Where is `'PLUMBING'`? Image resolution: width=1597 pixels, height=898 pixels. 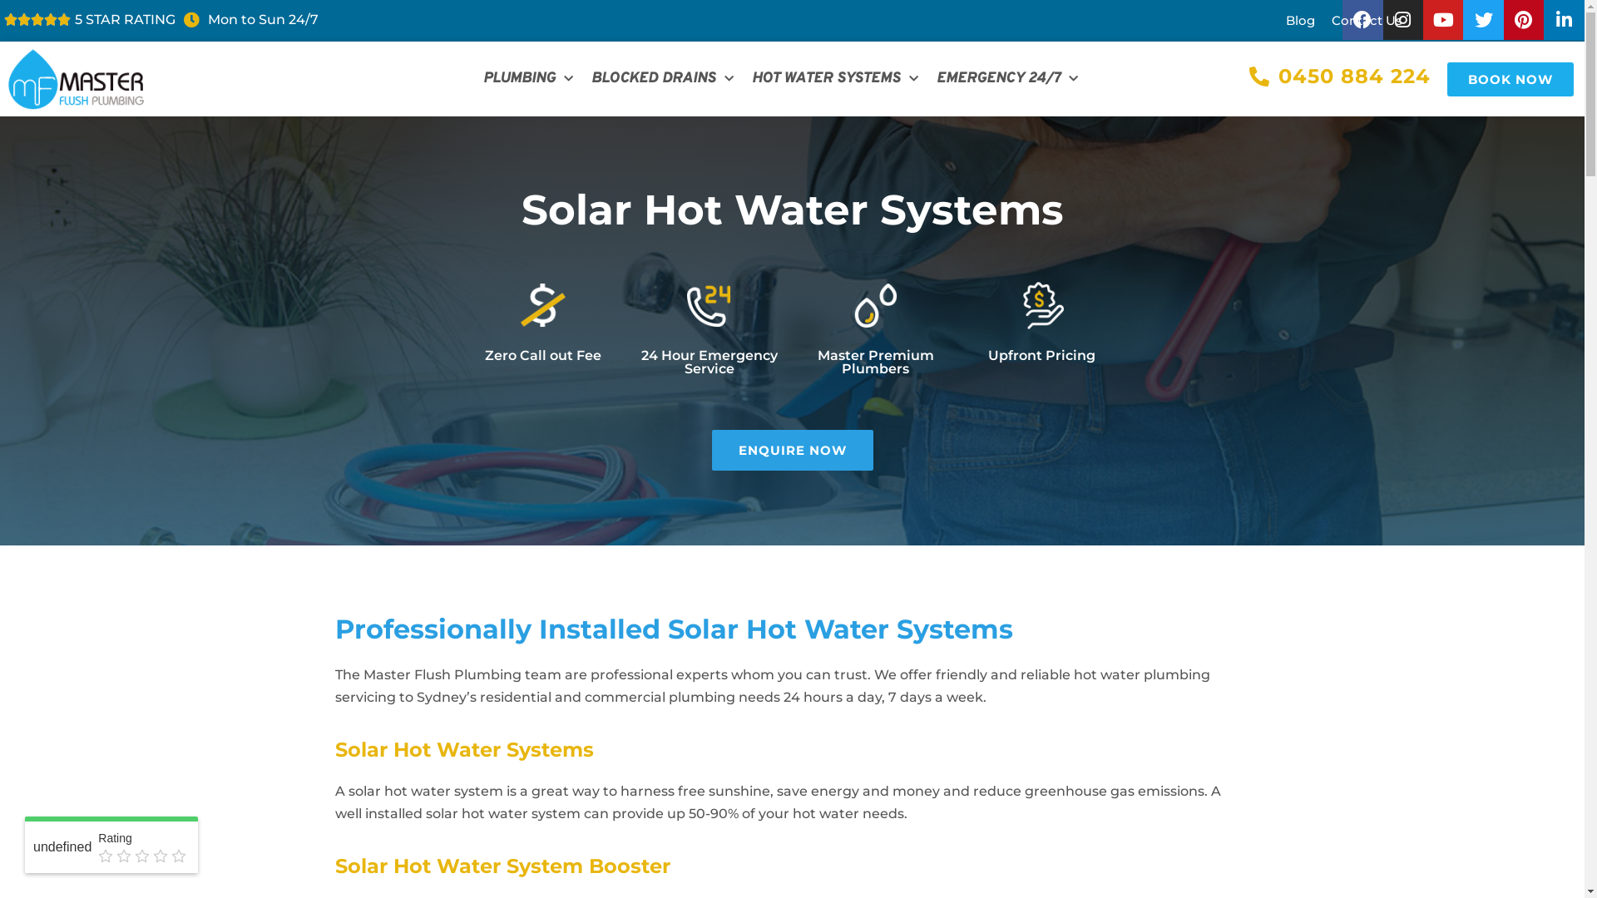
'PLUMBING' is located at coordinates (478, 79).